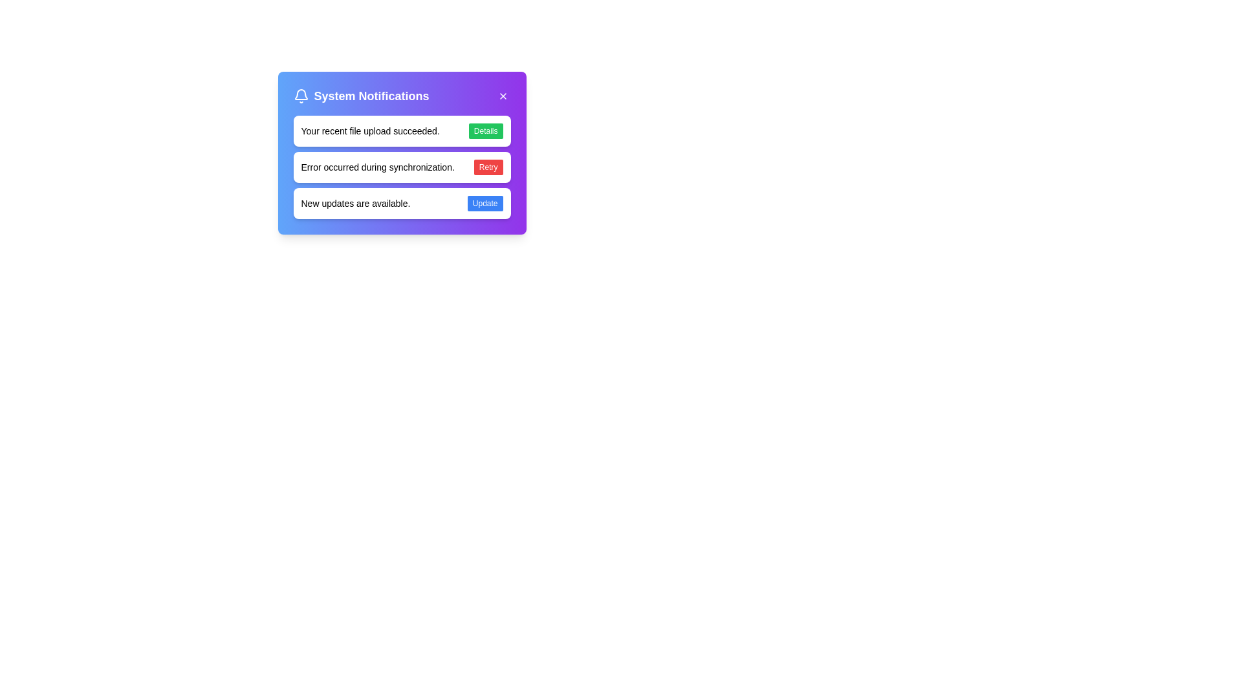  What do you see at coordinates (502, 96) in the screenshot?
I see `the close icon button located in the top-right corner of the notification card` at bounding box center [502, 96].